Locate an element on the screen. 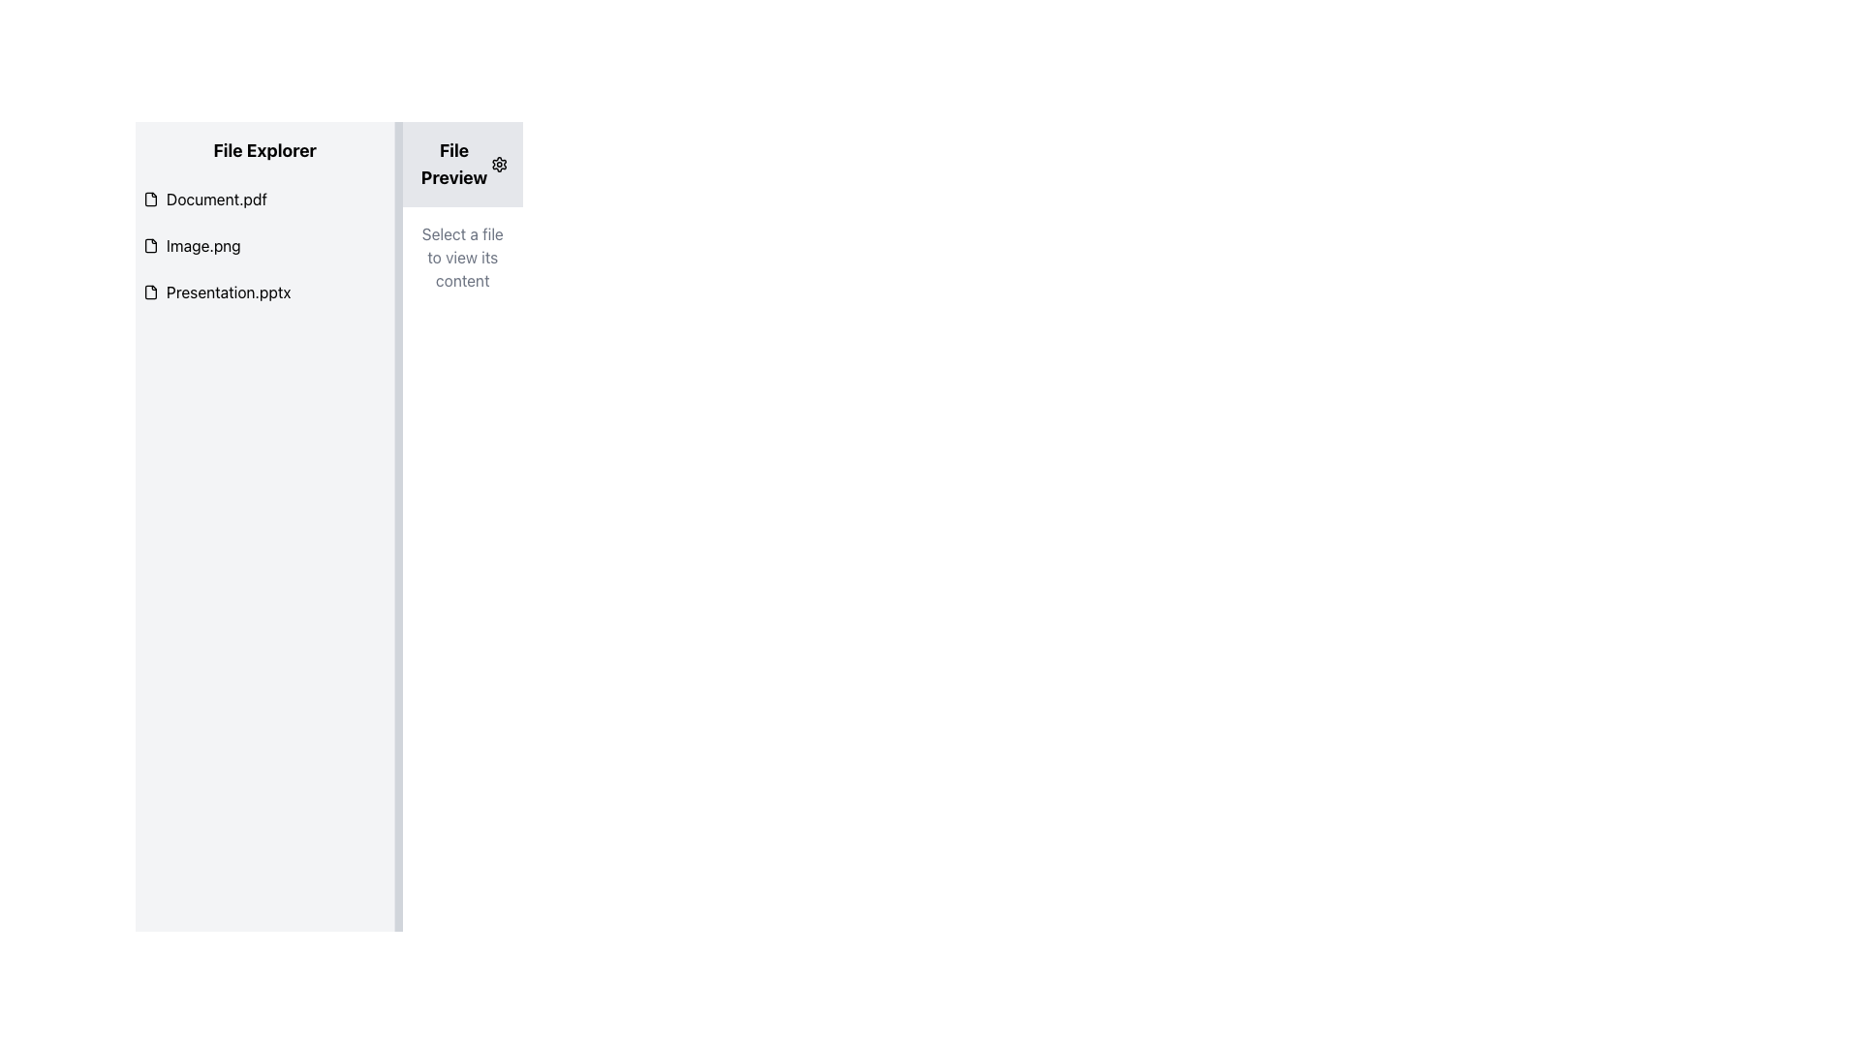 This screenshot has height=1046, width=1860. placeholder instruction text located in the 'File Preview' panel, which guides users to select a file from the 'File Explorer' is located at coordinates (461, 257).